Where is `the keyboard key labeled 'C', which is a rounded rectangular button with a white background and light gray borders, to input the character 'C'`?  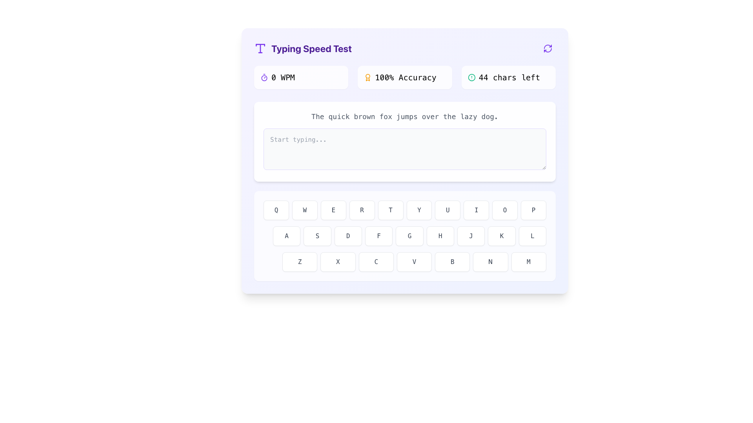
the keyboard key labeled 'C', which is a rounded rectangular button with a white background and light gray borders, to input the character 'C' is located at coordinates (376, 262).